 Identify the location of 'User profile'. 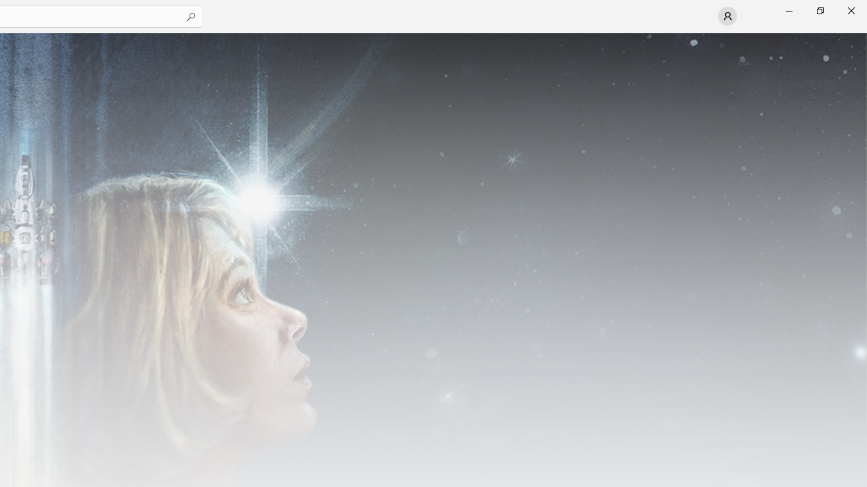
(726, 16).